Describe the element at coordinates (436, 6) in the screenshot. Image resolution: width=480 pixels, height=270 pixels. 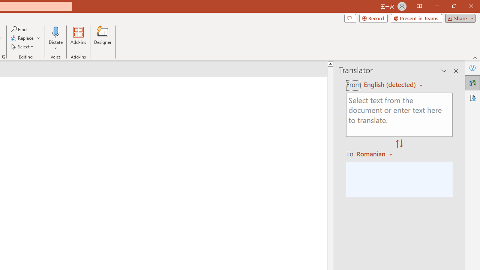
I see `'Minimize'` at that location.